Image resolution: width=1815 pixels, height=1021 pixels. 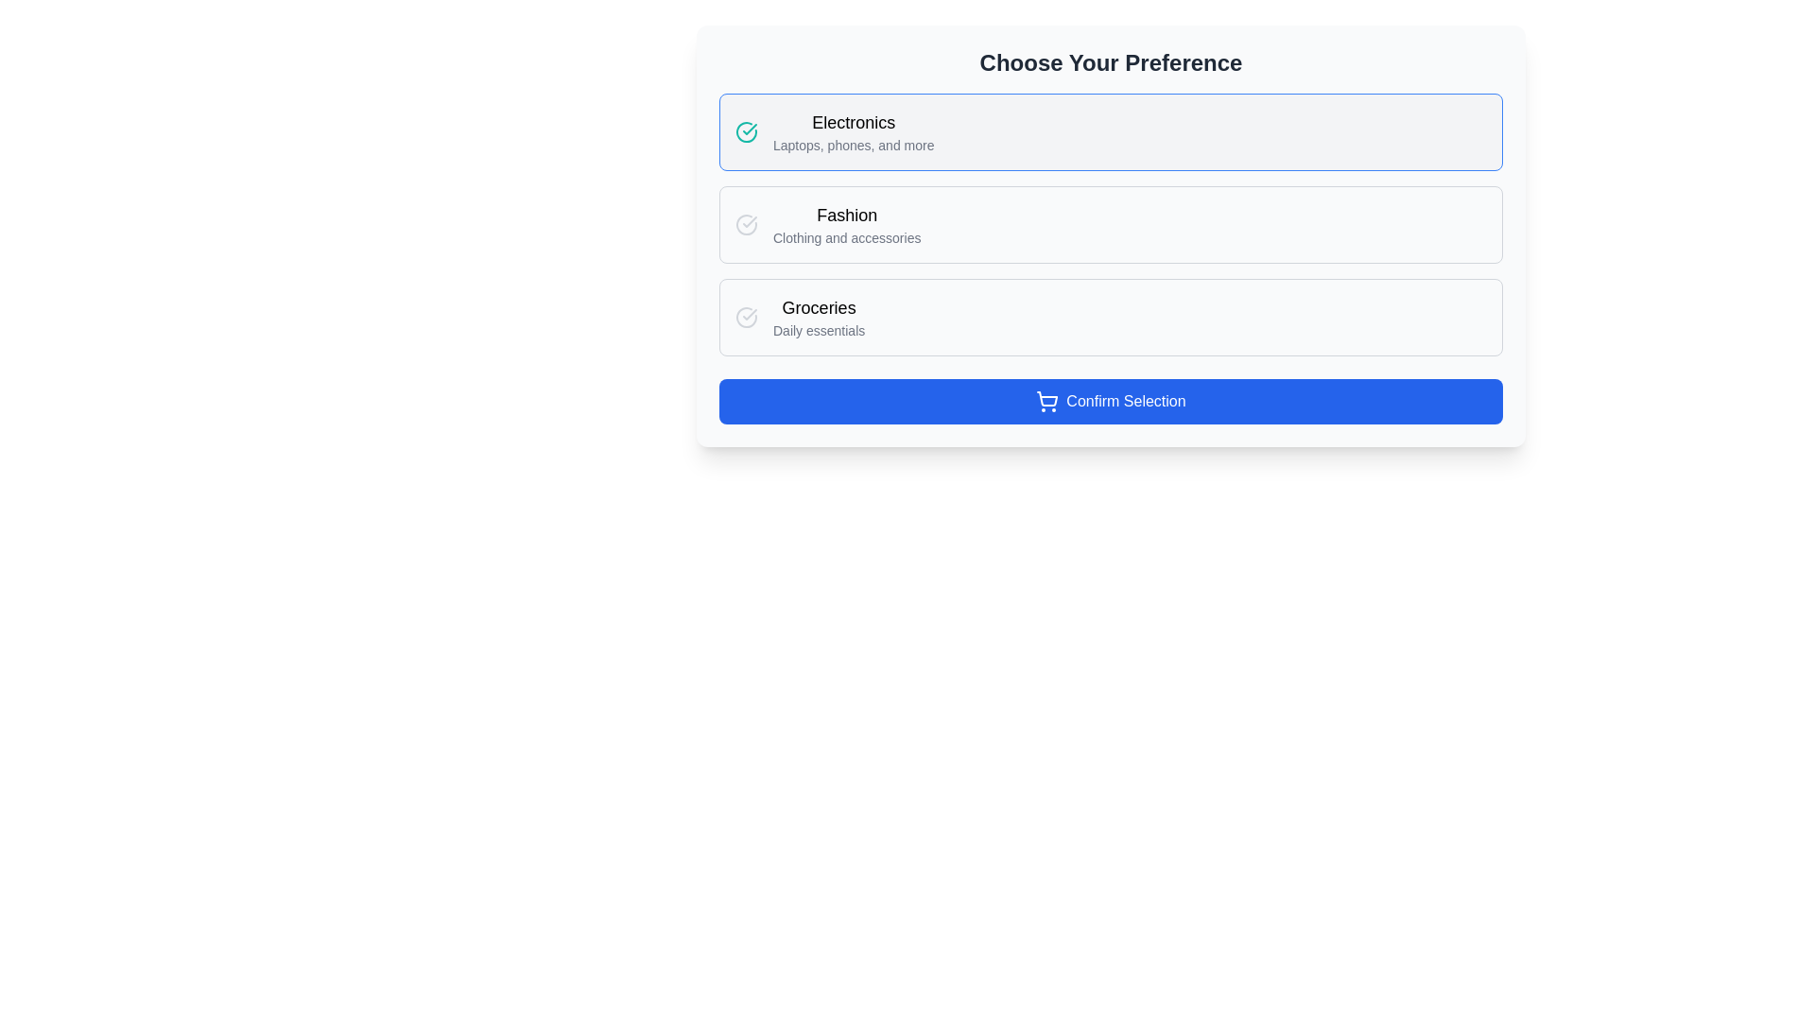 I want to click on the circular icon with a checkmark inside it, which is located to the immediate left of the text 'Fashion' in the list of selectable options, so click(x=746, y=224).